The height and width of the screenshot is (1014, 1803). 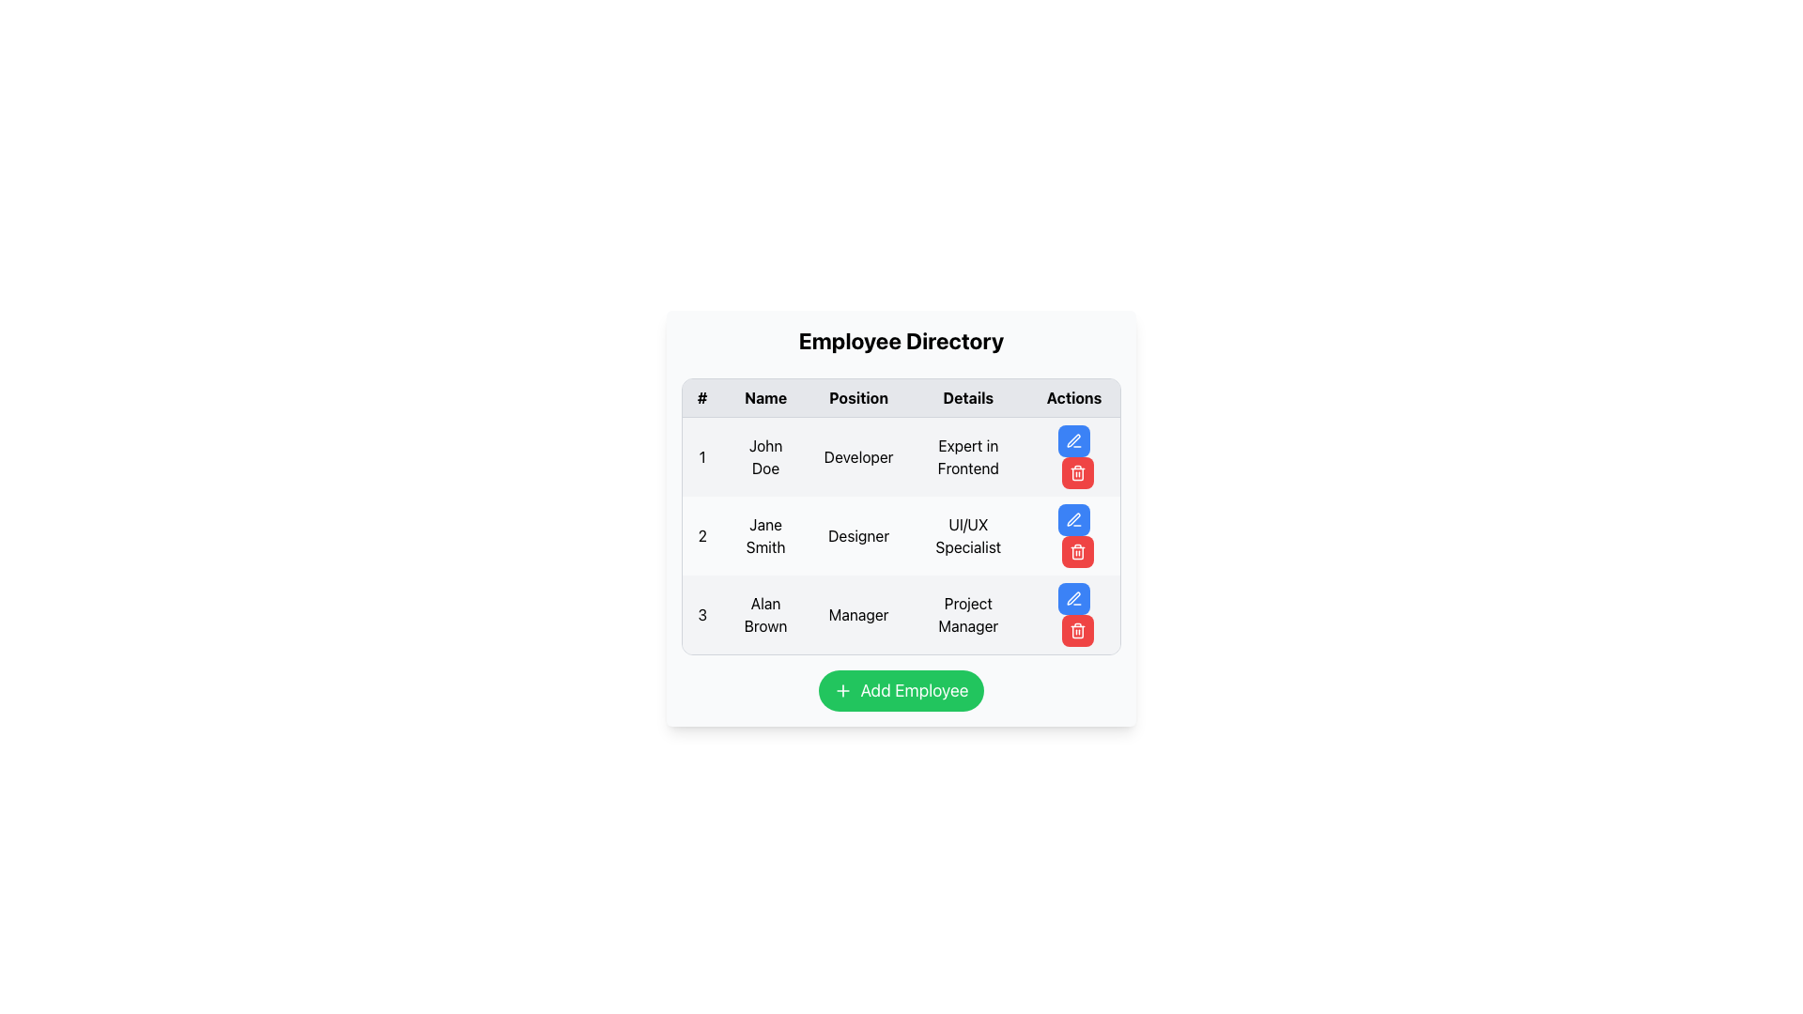 What do you see at coordinates (1073, 519) in the screenshot?
I see `the pen-shaped edit icon located in the Actions column, next to the entry for Jane Smith` at bounding box center [1073, 519].